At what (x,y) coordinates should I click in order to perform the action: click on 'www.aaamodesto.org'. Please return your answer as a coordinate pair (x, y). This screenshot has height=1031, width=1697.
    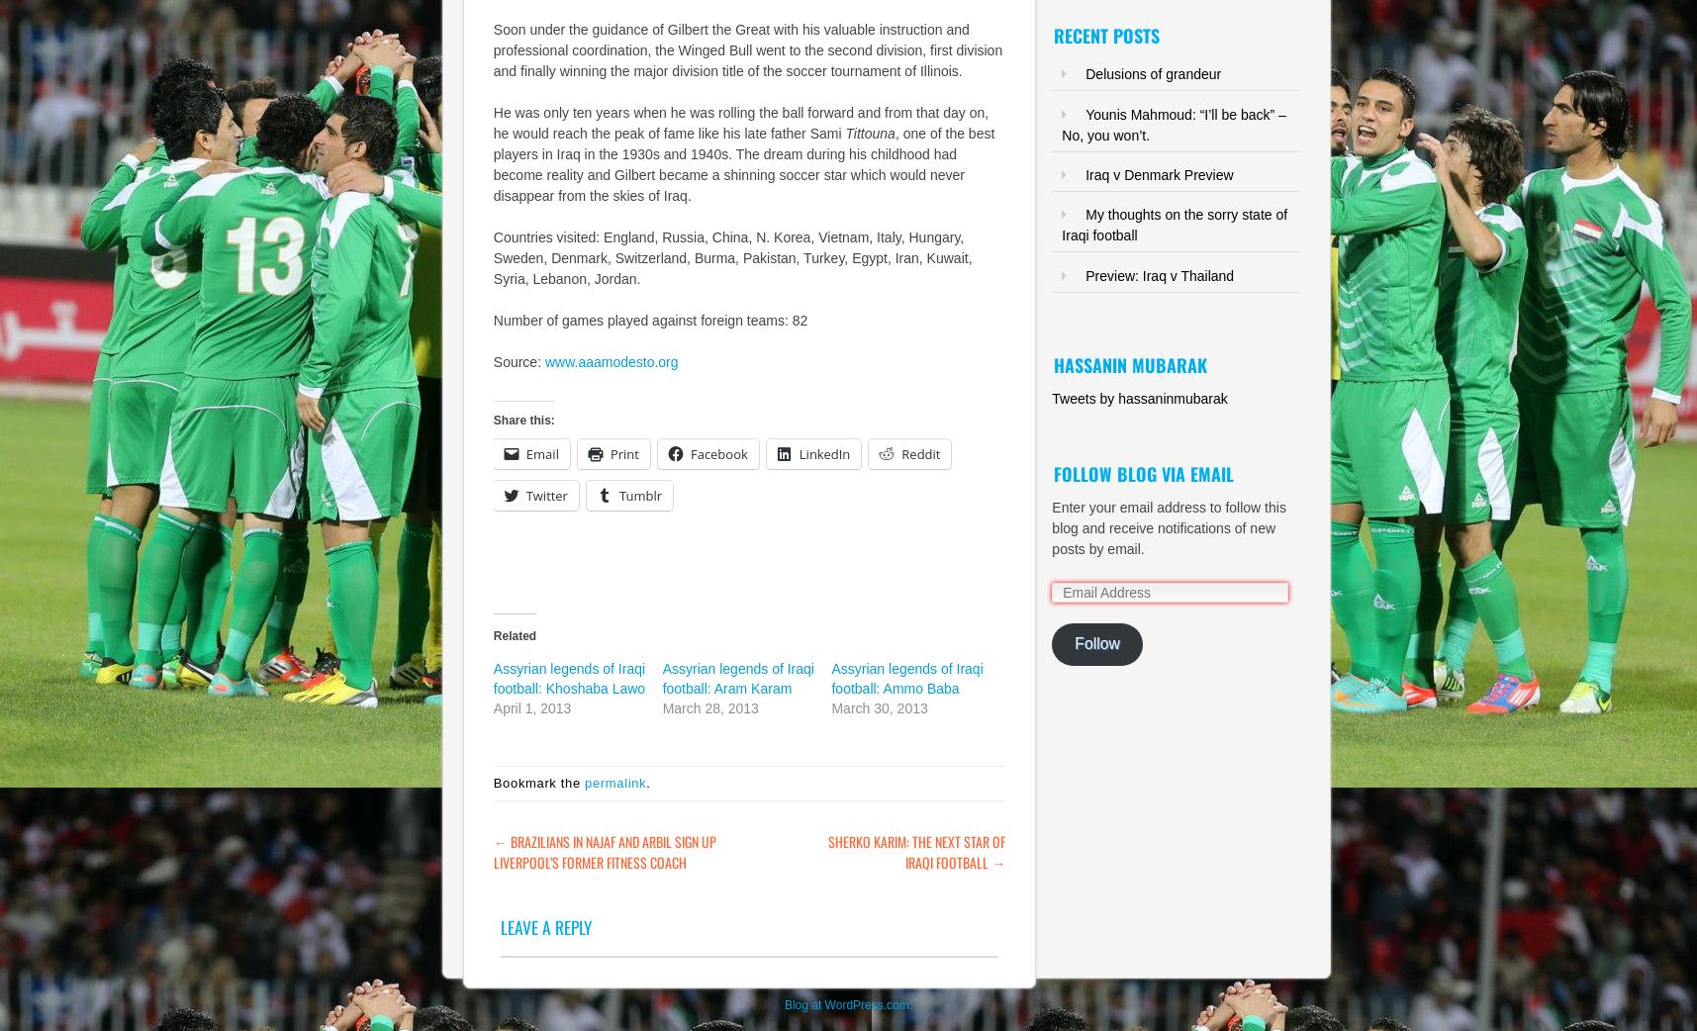
    Looking at the image, I should click on (611, 360).